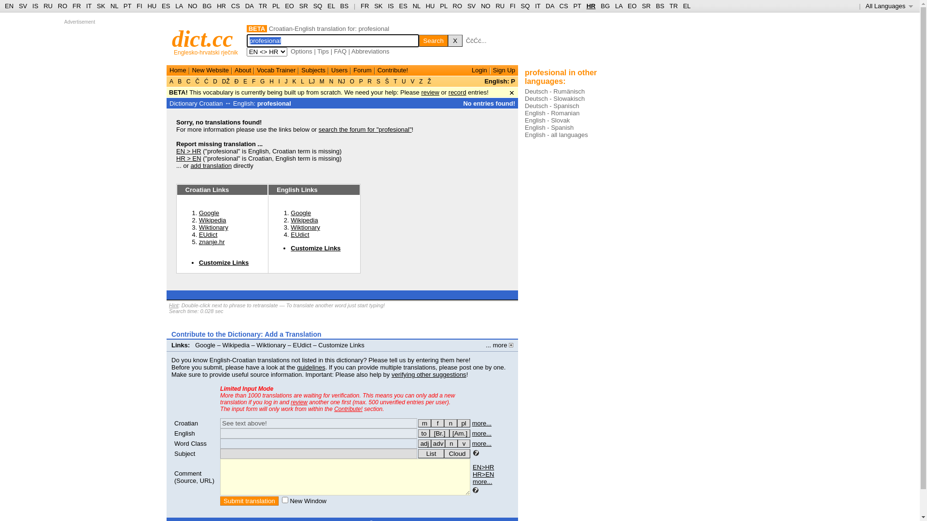 Image resolution: width=927 pixels, height=521 pixels. I want to click on 'Hint', so click(174, 305).